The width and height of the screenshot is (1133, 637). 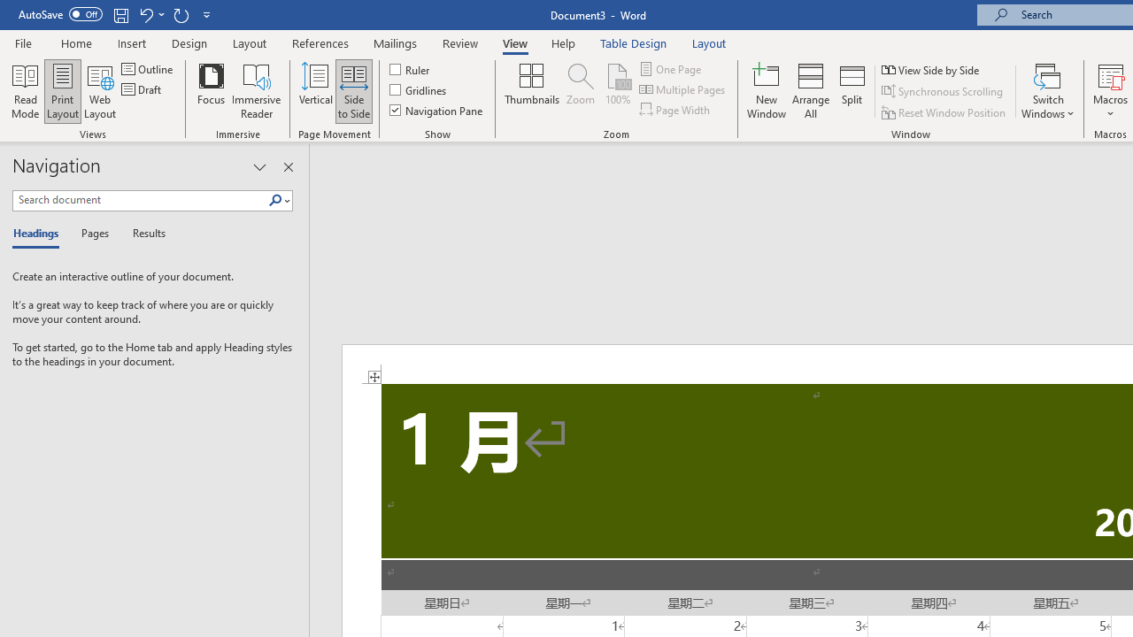 I want to click on 'Split', so click(x=852, y=91).